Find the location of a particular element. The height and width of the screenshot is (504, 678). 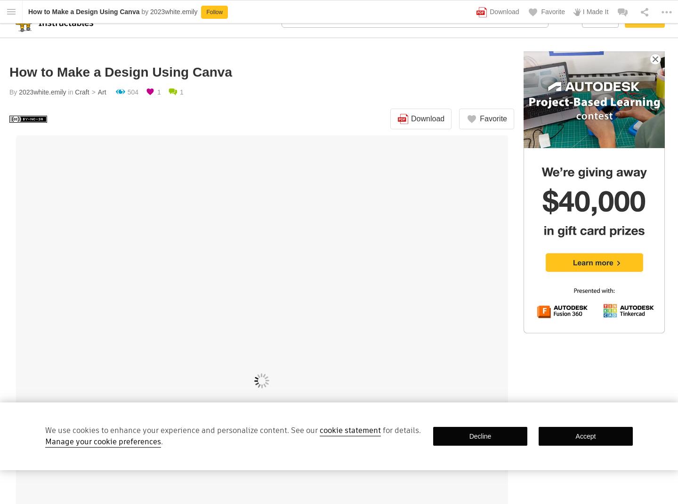

'Manage your cookie preferences' is located at coordinates (103, 441).